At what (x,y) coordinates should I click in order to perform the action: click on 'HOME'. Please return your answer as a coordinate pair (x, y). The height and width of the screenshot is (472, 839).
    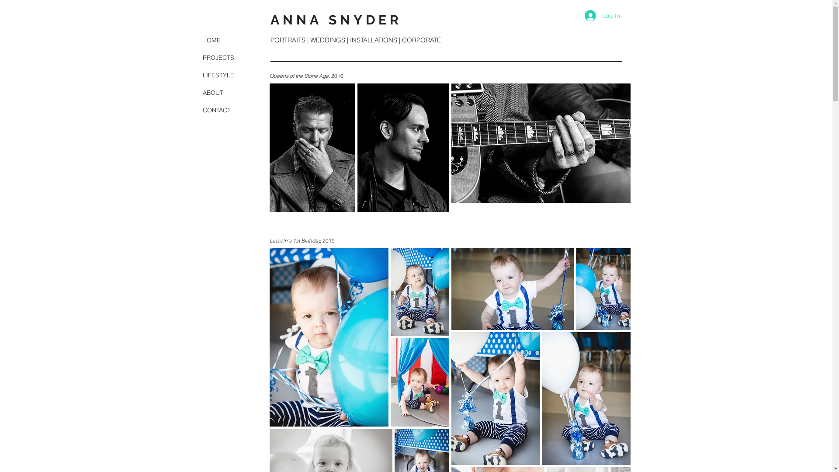
    Looking at the image, I should click on (232, 40).